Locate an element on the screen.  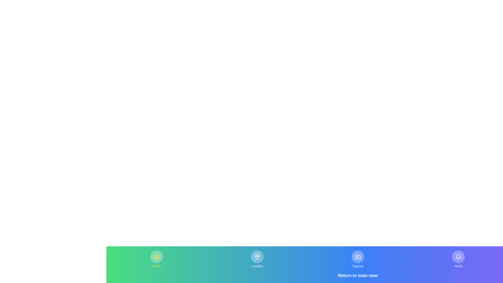
the menu item corresponding to Capture is located at coordinates (358, 259).